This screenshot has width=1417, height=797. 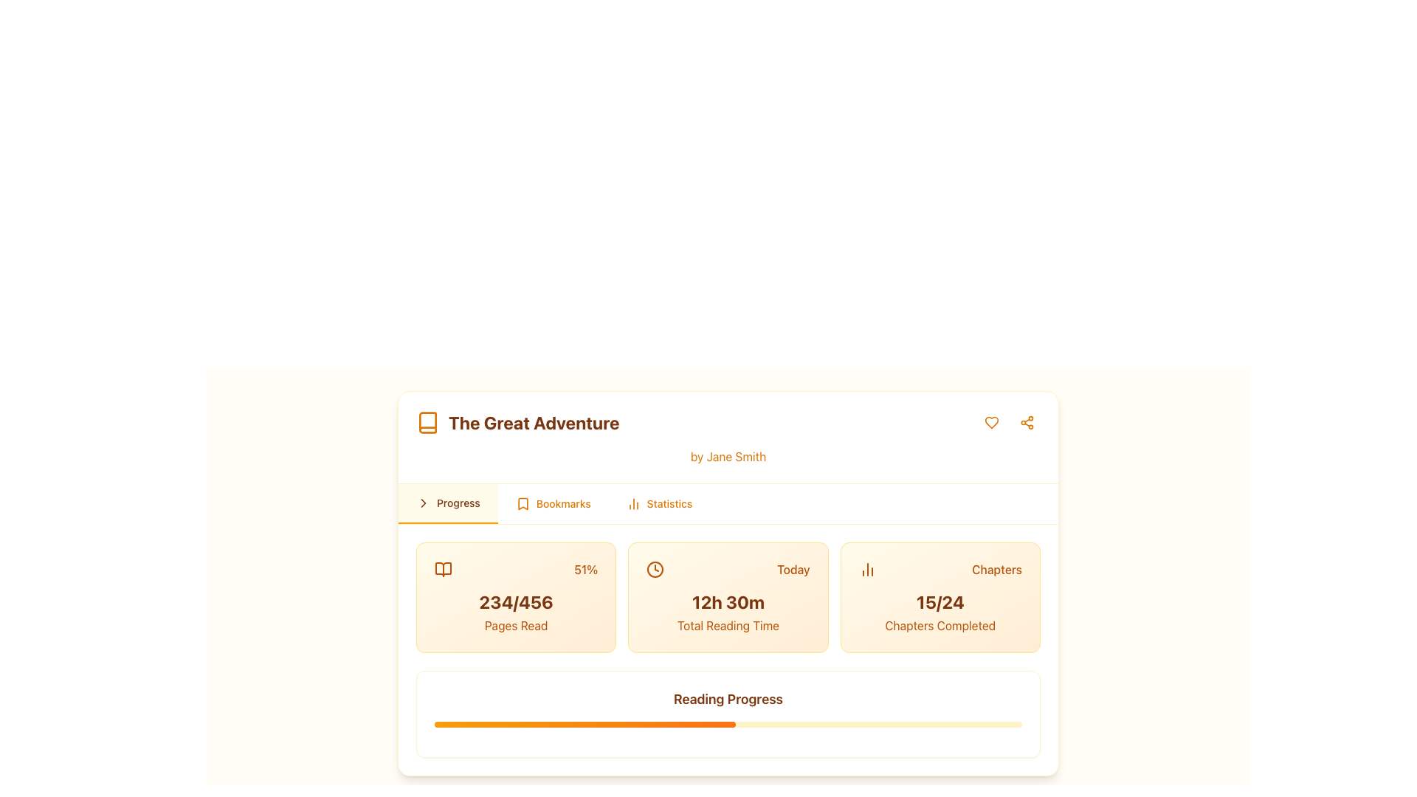 What do you see at coordinates (585, 568) in the screenshot?
I see `the Text label displaying a percentage value, which is located to the right of a book icon, indicating progress` at bounding box center [585, 568].